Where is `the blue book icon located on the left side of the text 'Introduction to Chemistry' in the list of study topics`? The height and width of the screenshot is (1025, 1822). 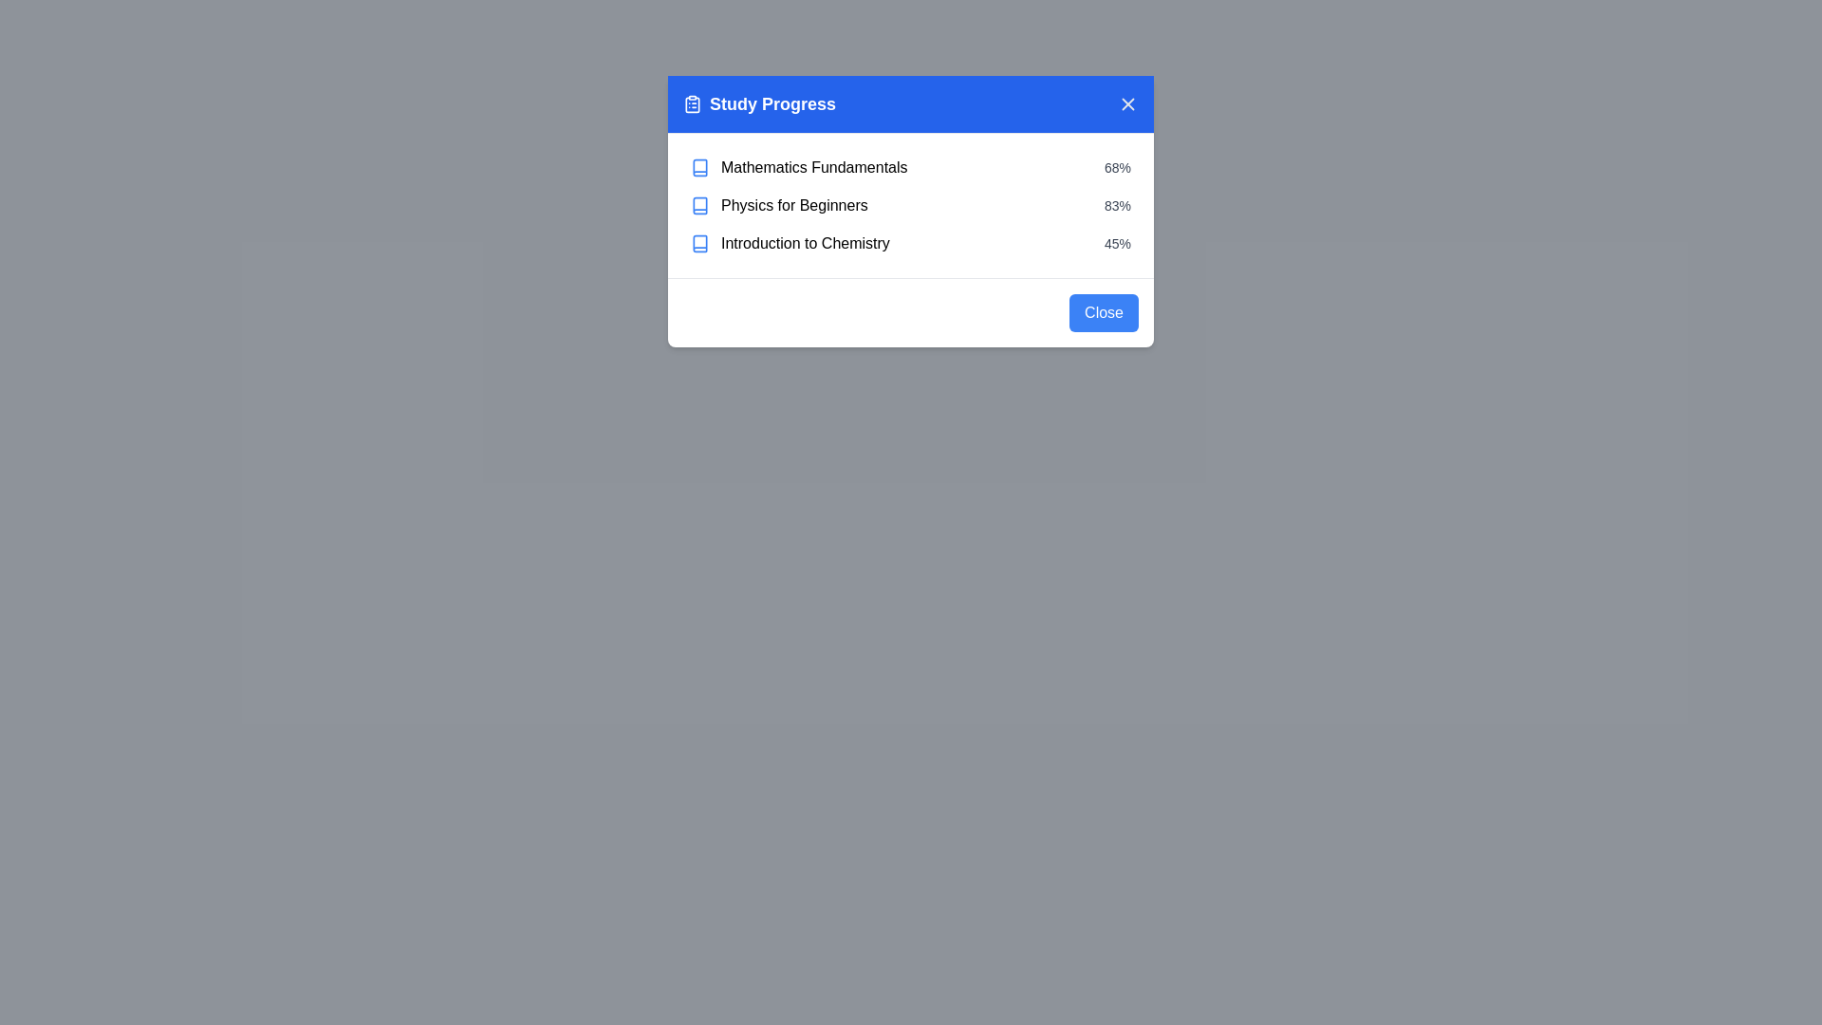 the blue book icon located on the left side of the text 'Introduction to Chemistry' in the list of study topics is located at coordinates (699, 243).